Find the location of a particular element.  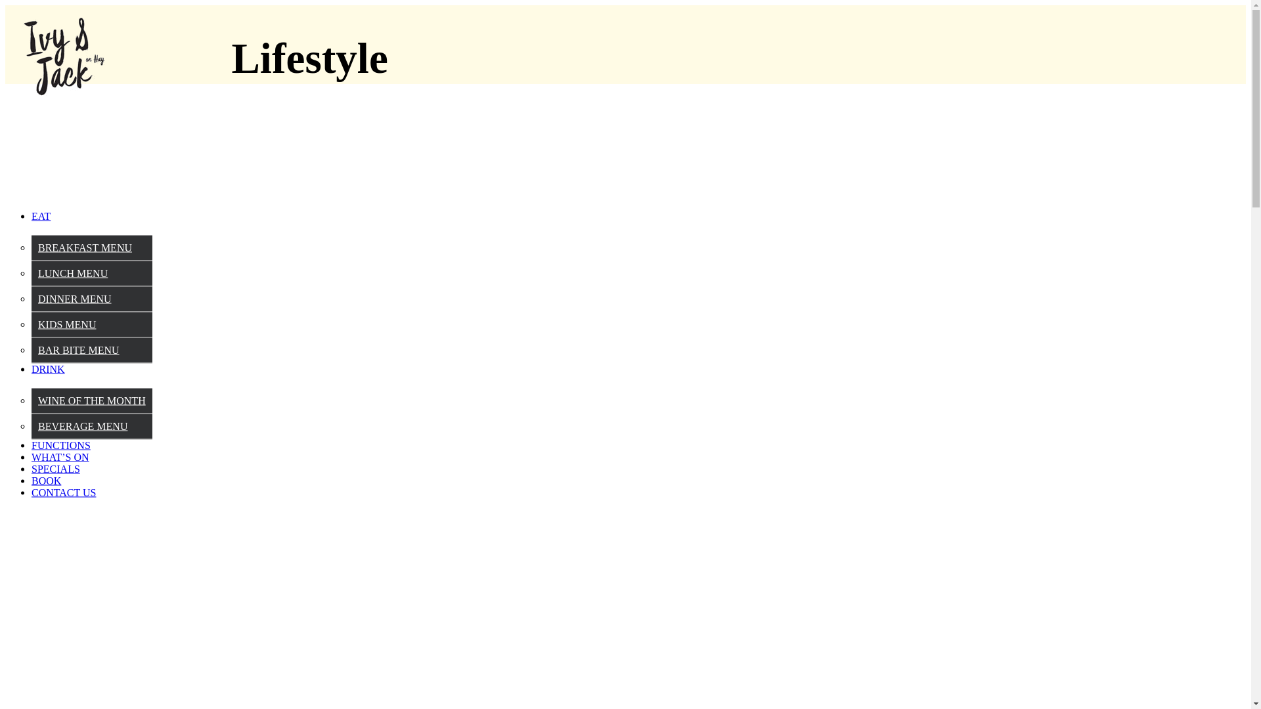

'BEVERAGE MENU' is located at coordinates (37, 425).